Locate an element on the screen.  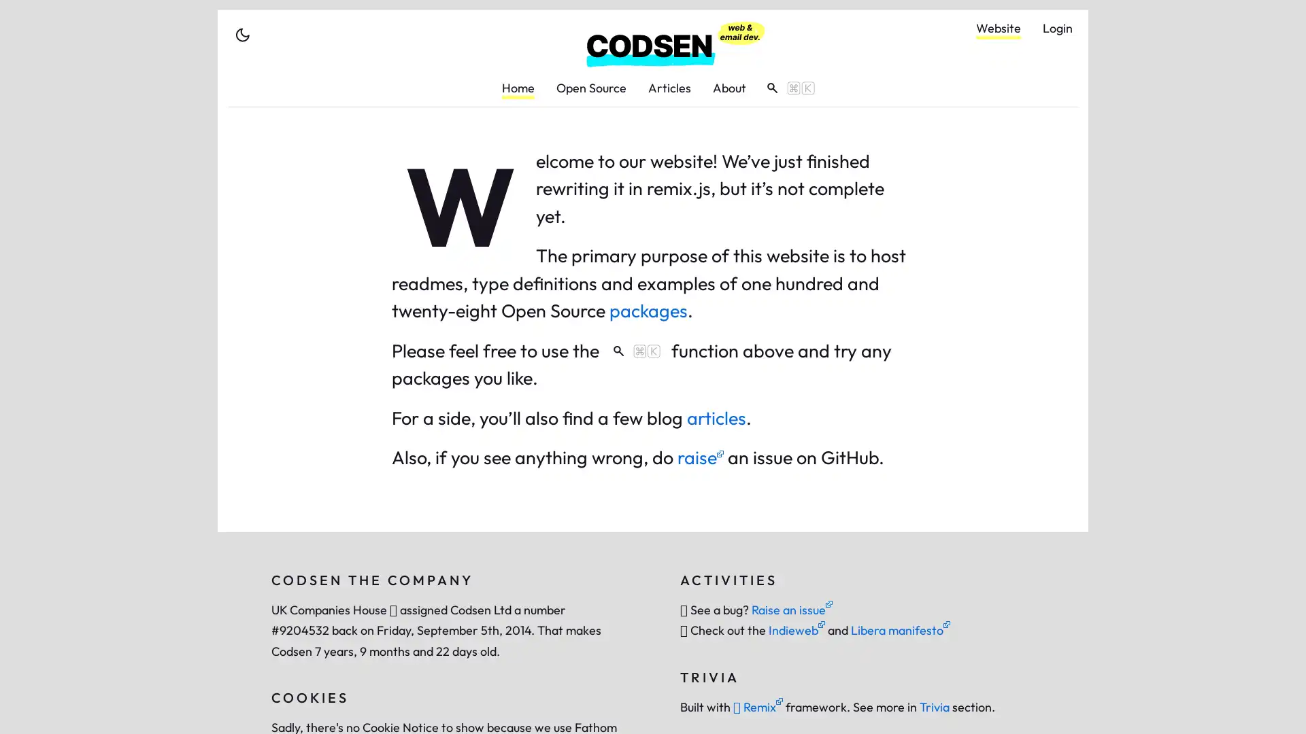
Toggle search is located at coordinates (786, 87).